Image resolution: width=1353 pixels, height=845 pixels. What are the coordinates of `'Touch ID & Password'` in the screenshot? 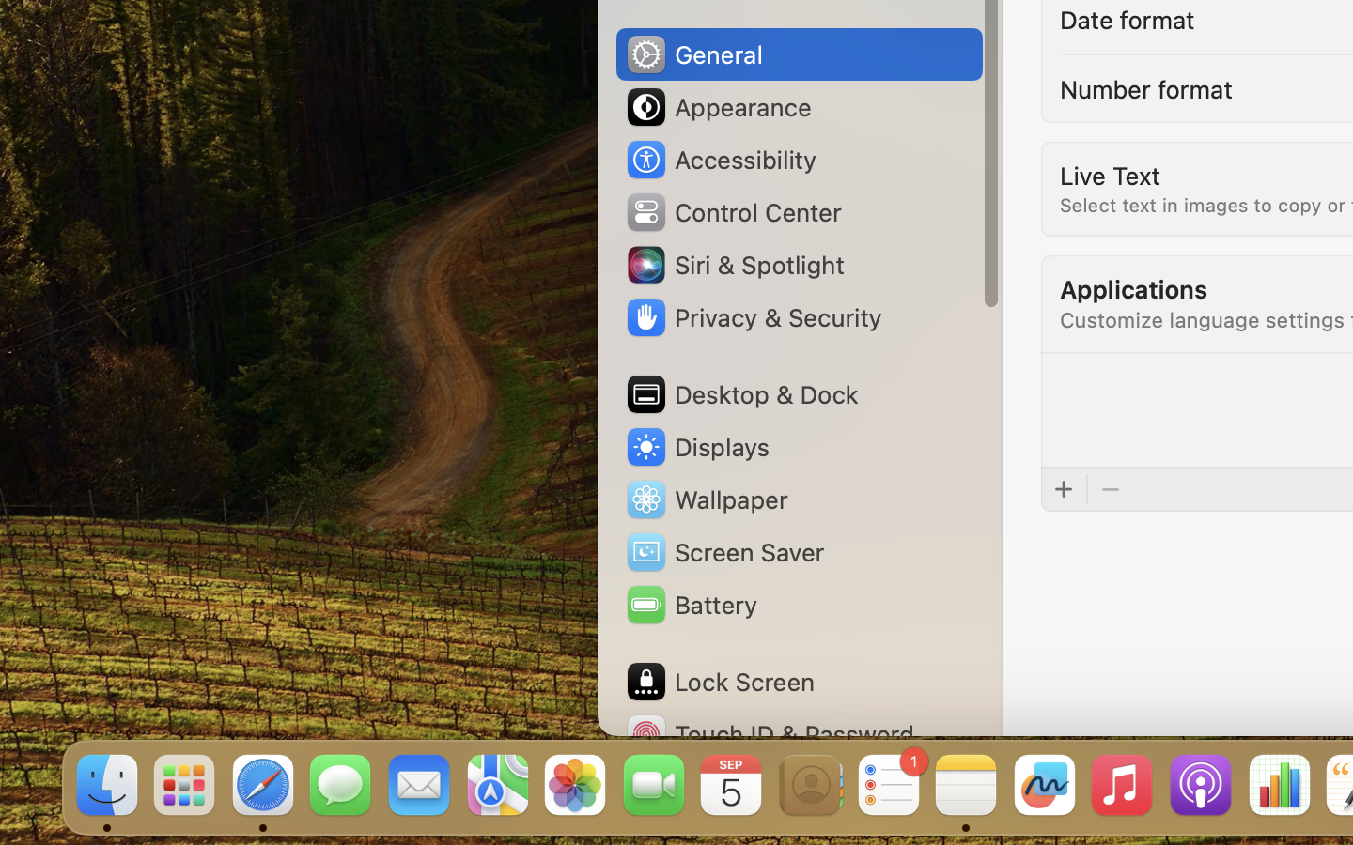 It's located at (770, 733).